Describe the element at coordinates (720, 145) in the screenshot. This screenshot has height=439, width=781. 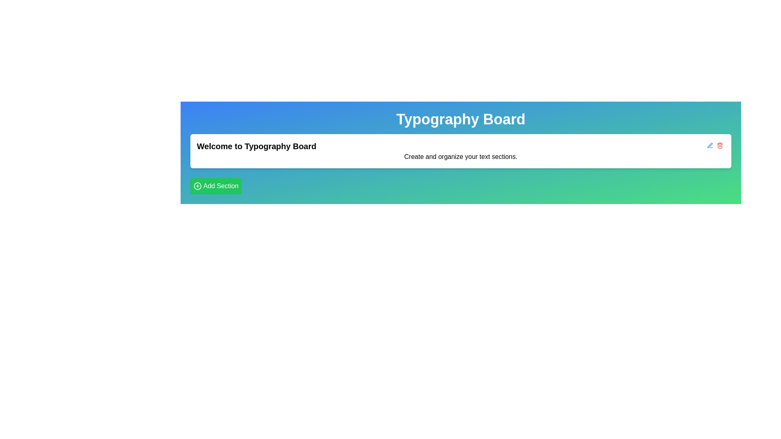
I see `the delete icon button located towards the right end of the toolbar` at that location.